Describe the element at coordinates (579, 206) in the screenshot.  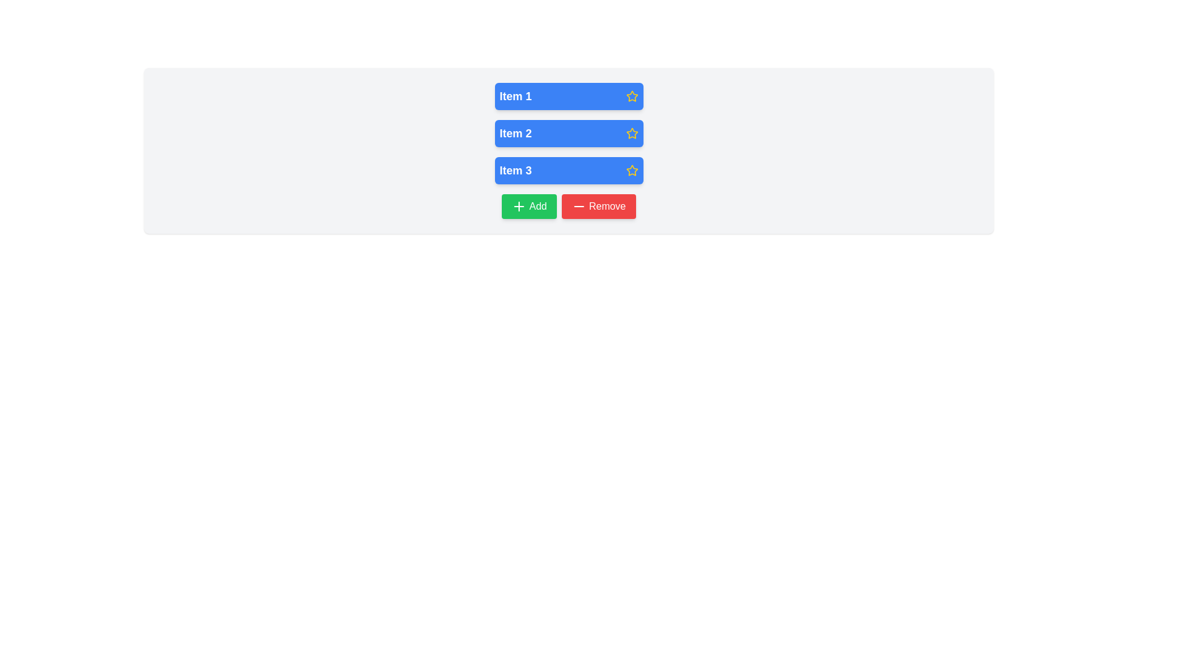
I see `the removal icon located centrally above the text label of the 'Remove' button` at that location.